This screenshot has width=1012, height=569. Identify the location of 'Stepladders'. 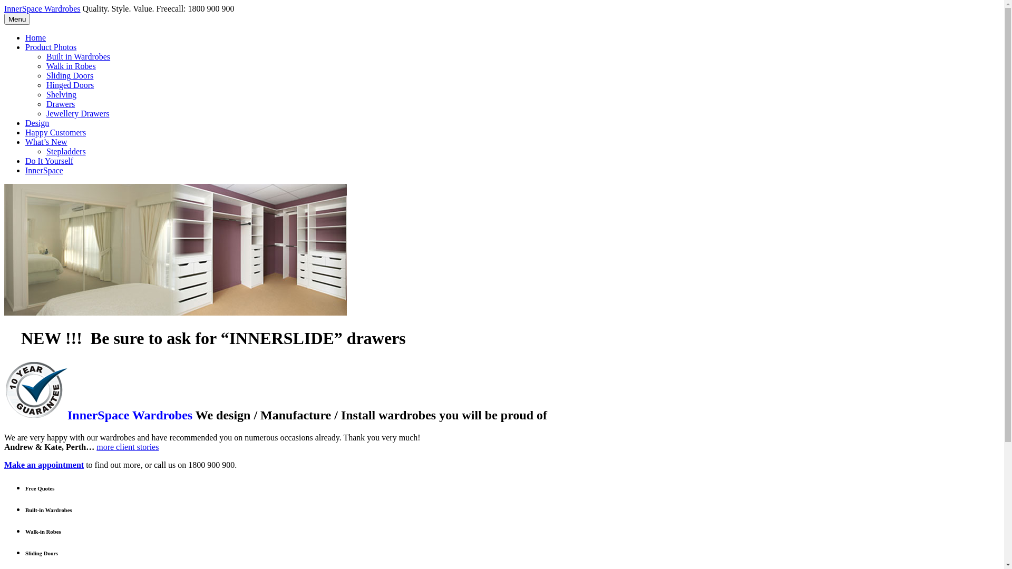
(65, 151).